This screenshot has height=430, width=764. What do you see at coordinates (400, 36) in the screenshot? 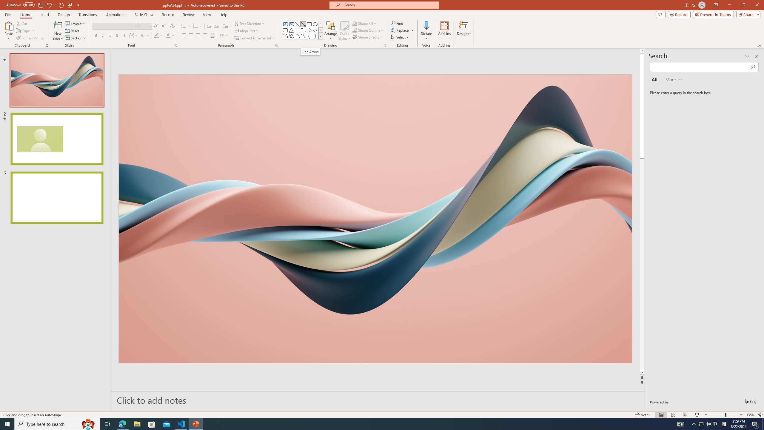
I see `'Select'` at bounding box center [400, 36].